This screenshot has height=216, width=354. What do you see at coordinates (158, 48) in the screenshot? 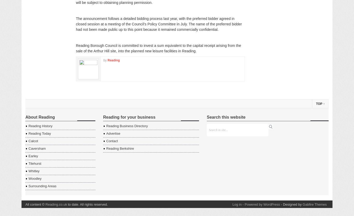
I see `'Reading Borough Council is committed to invest a sum equivalent to the capital receipt arising from the sale of the Arthur Hill site, into the planned new leisure facilities in Reading.'` at bounding box center [158, 48].